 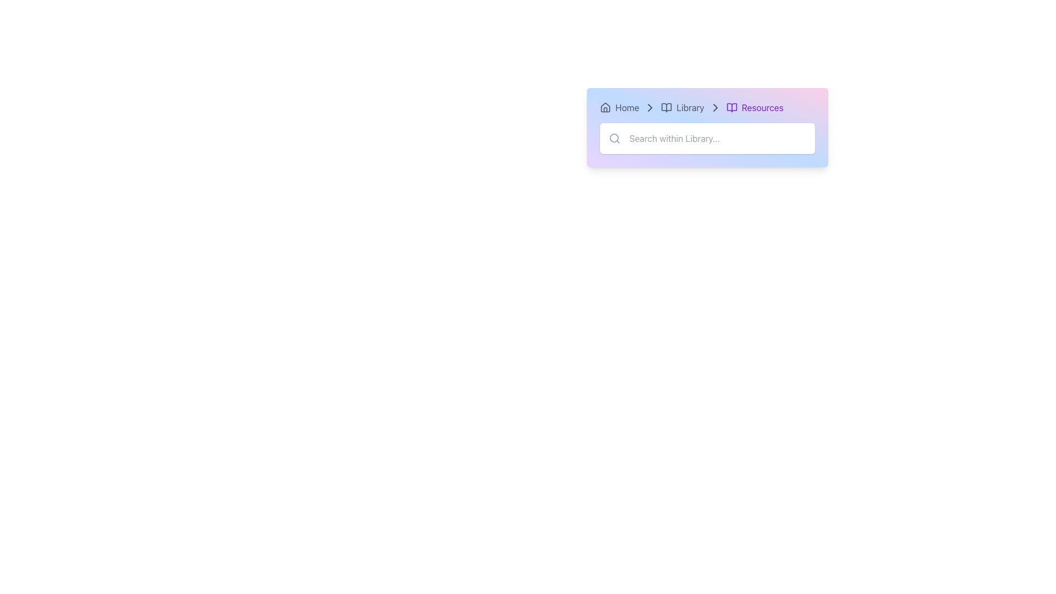 What do you see at coordinates (682, 108) in the screenshot?
I see `the 'Library' text label with an open book icon` at bounding box center [682, 108].